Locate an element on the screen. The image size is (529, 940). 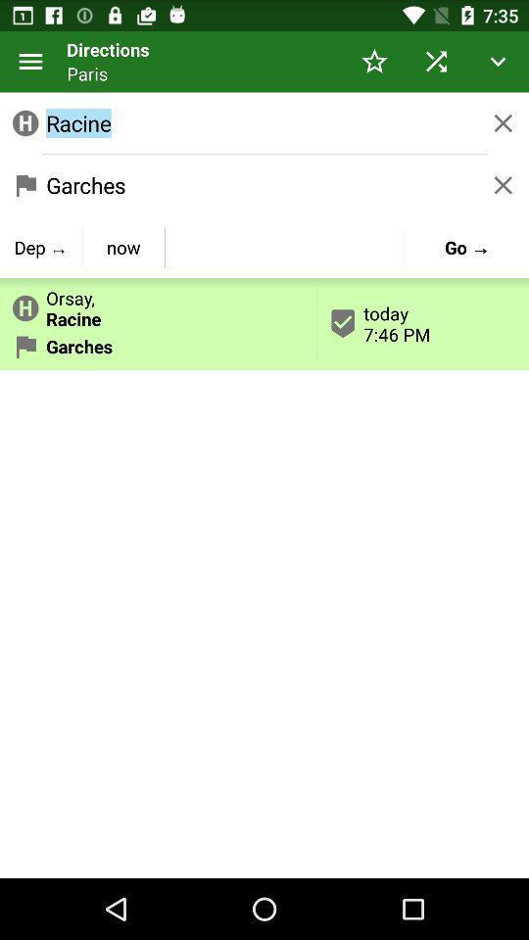
the item below garches item is located at coordinates (123, 246).